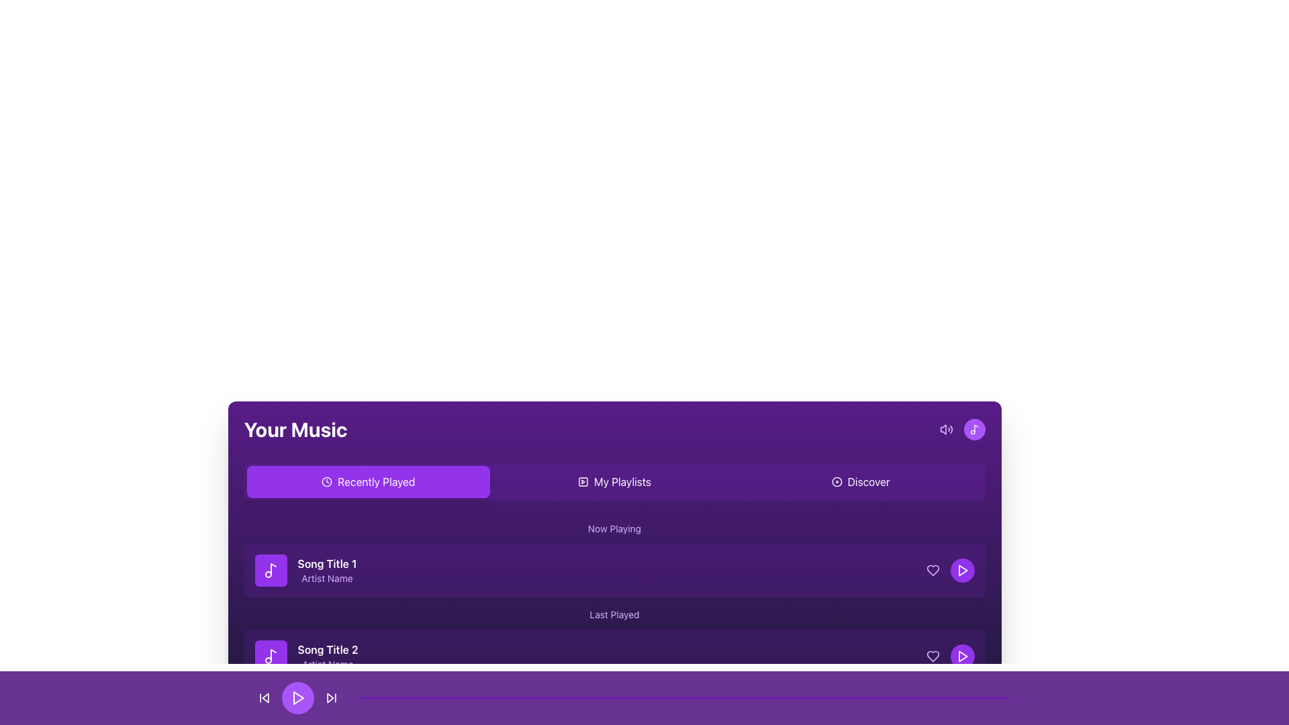 This screenshot has width=1289, height=725. What do you see at coordinates (297, 697) in the screenshot?
I see `the prominent purple circular button with a white play icon` at bounding box center [297, 697].